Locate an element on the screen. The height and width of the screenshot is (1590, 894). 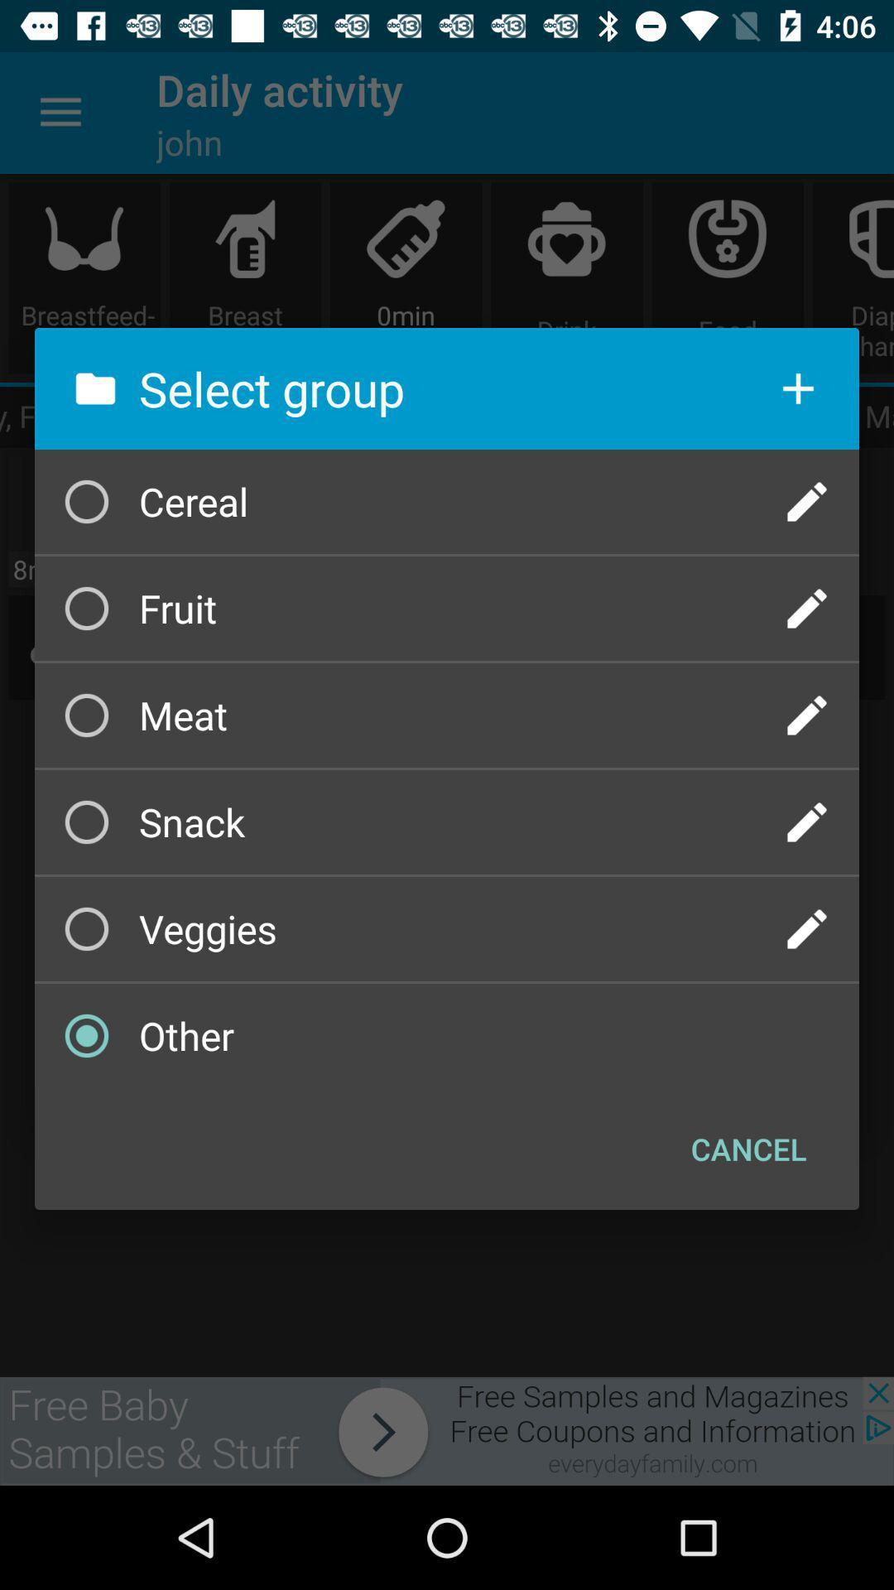
add is located at coordinates (797, 388).